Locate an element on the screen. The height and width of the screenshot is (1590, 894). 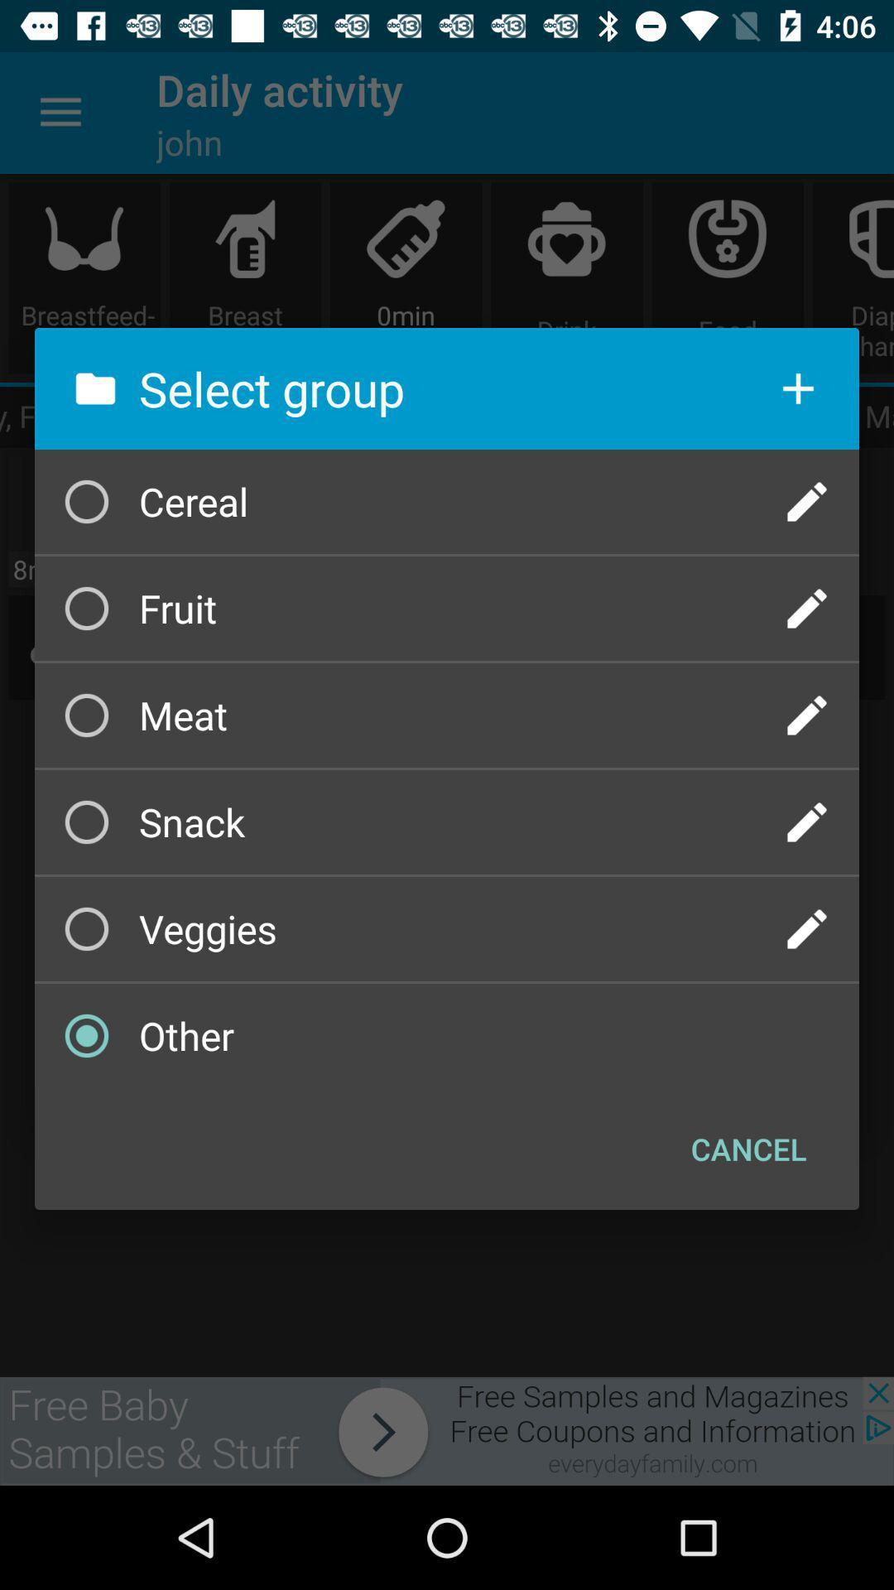
add is located at coordinates (797, 388).